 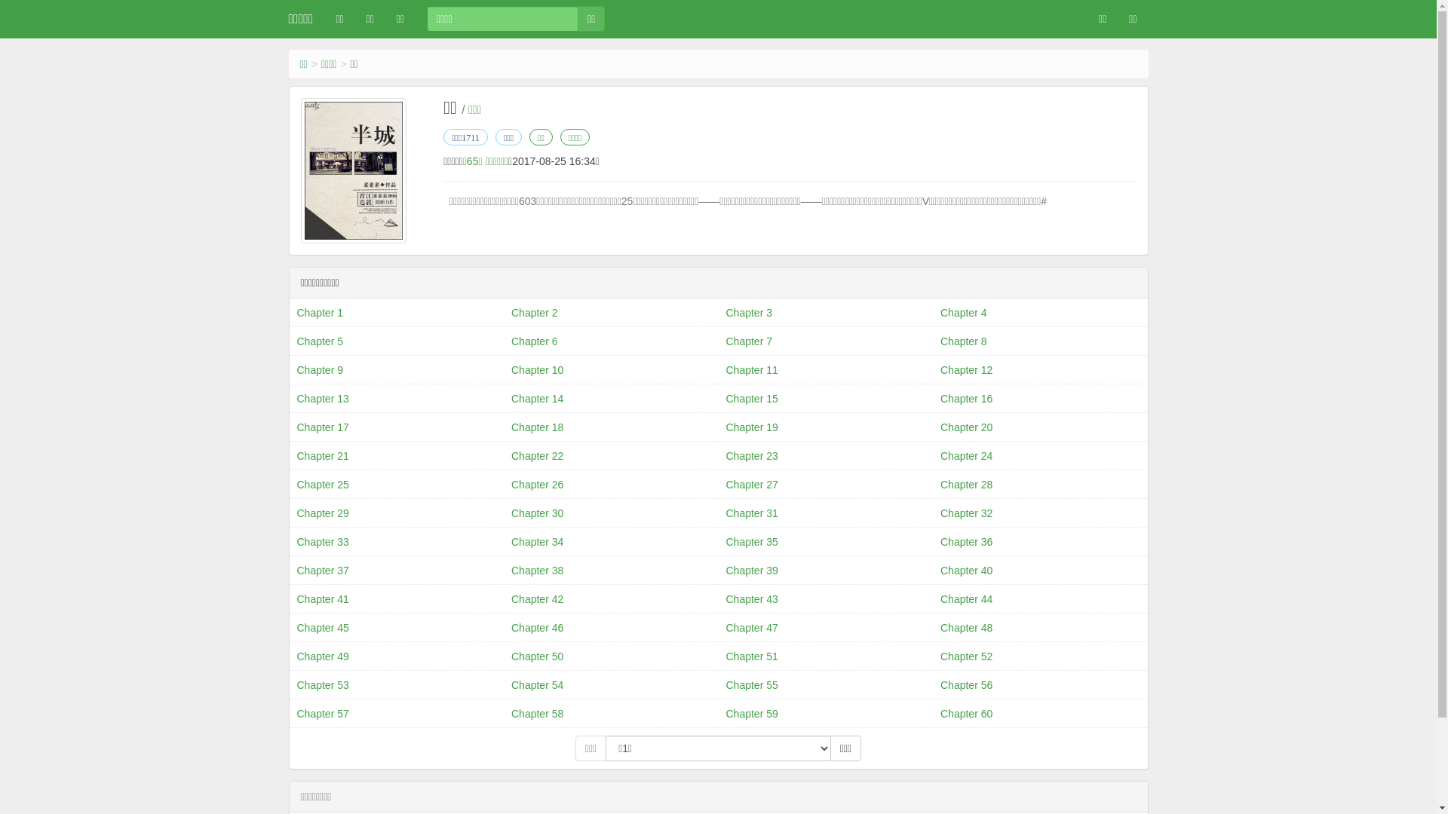 What do you see at coordinates (296, 713) in the screenshot?
I see `'Chapter 57'` at bounding box center [296, 713].